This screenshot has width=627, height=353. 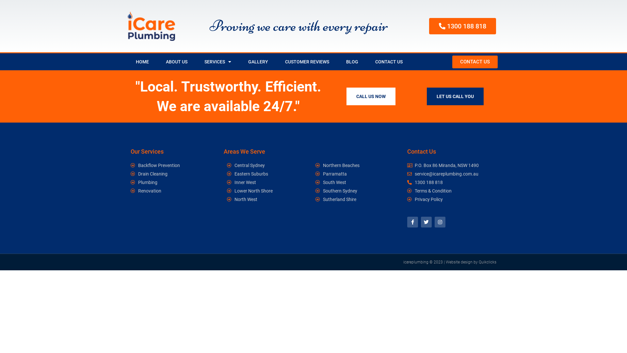 I want to click on 'ABOUT US', so click(x=157, y=62).